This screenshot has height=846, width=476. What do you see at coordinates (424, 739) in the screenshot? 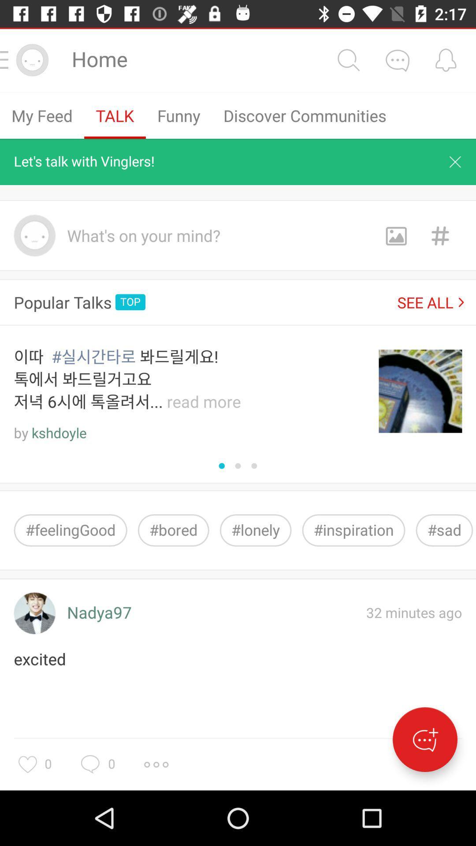
I see `the icon below 32 minutes ago` at bounding box center [424, 739].